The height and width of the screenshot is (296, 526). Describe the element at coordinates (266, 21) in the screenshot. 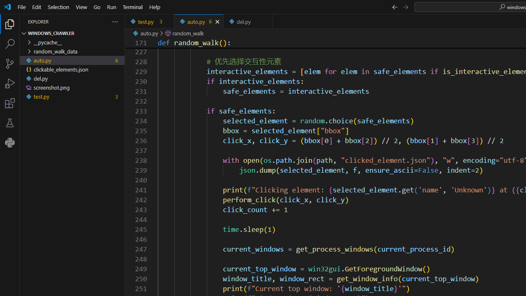

I see `'Tab actions'` at that location.